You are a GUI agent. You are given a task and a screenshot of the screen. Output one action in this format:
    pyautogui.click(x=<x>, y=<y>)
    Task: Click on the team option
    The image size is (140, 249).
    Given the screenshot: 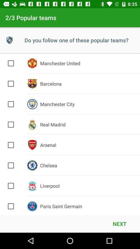 What is the action you would take?
    pyautogui.click(x=11, y=104)
    